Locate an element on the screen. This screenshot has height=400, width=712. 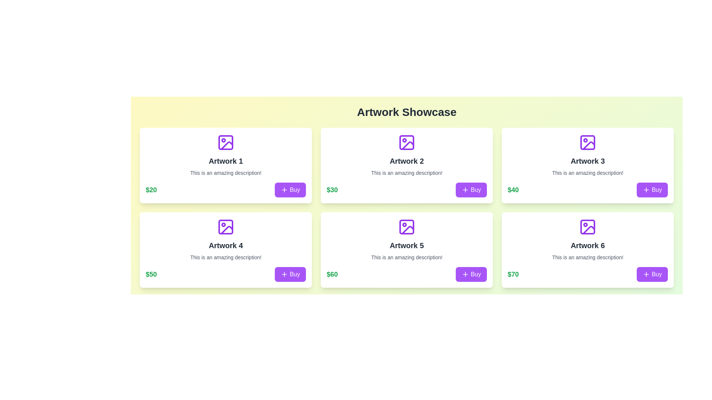
the price displayed is located at coordinates (332, 190).